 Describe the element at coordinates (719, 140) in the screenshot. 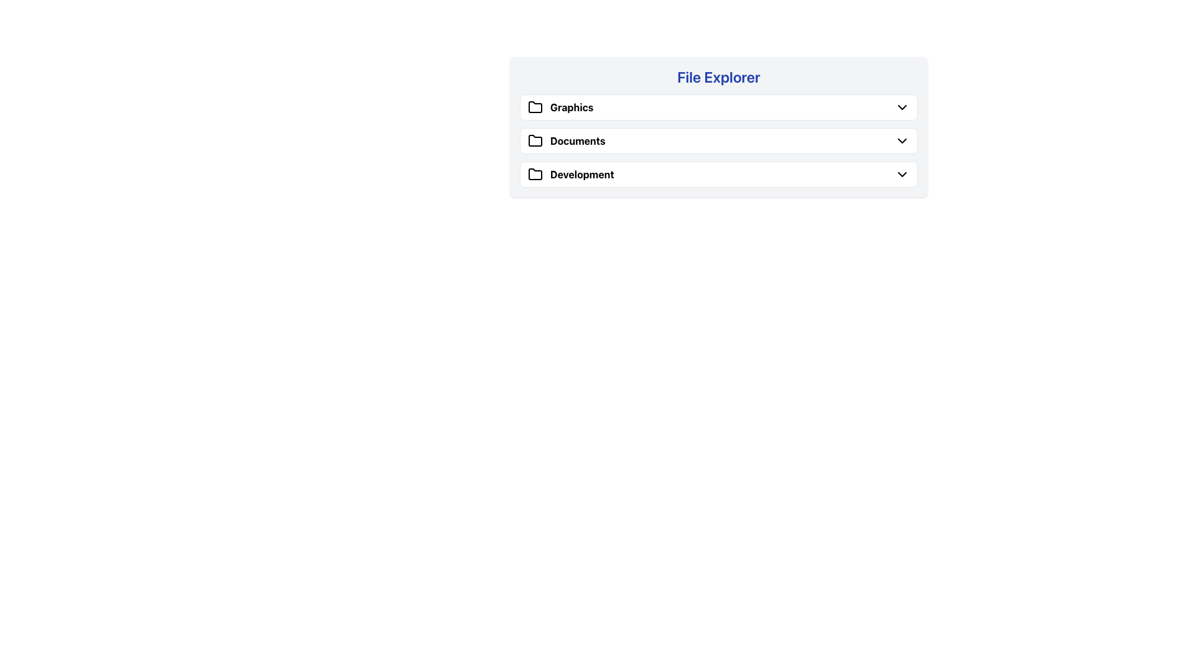

I see `the second selectable list item in the 'File Explorer' section, which represents a folder entry for 'Documents'` at that location.